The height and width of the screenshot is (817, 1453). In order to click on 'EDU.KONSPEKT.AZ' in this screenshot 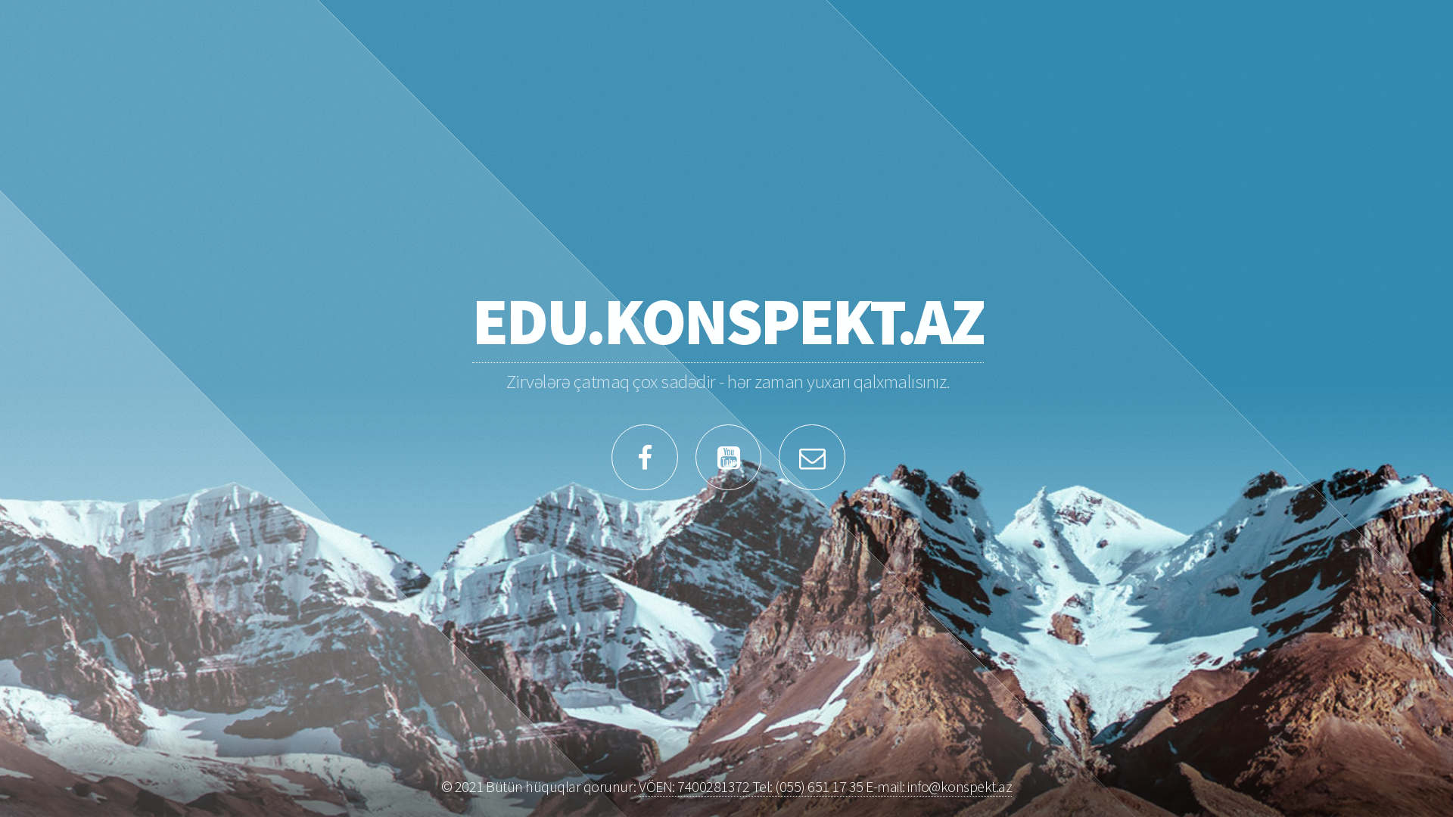, I will do `click(727, 320)`.